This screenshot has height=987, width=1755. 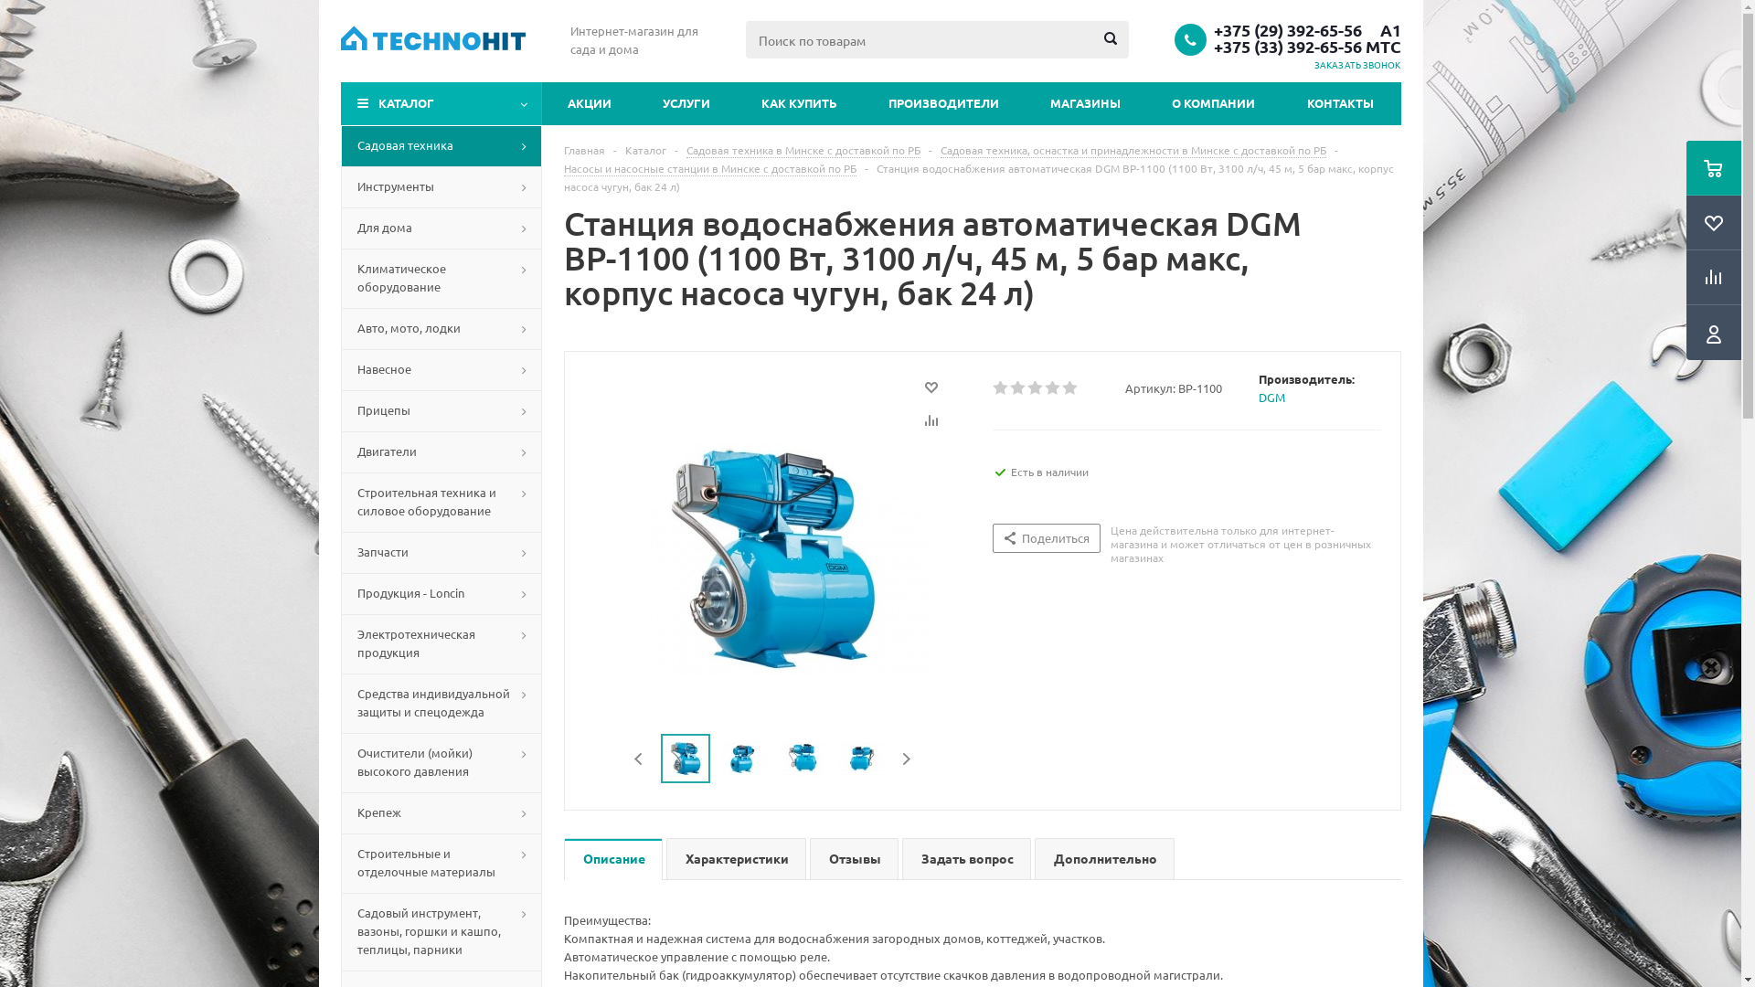 I want to click on 'Previous', so click(x=639, y=759).